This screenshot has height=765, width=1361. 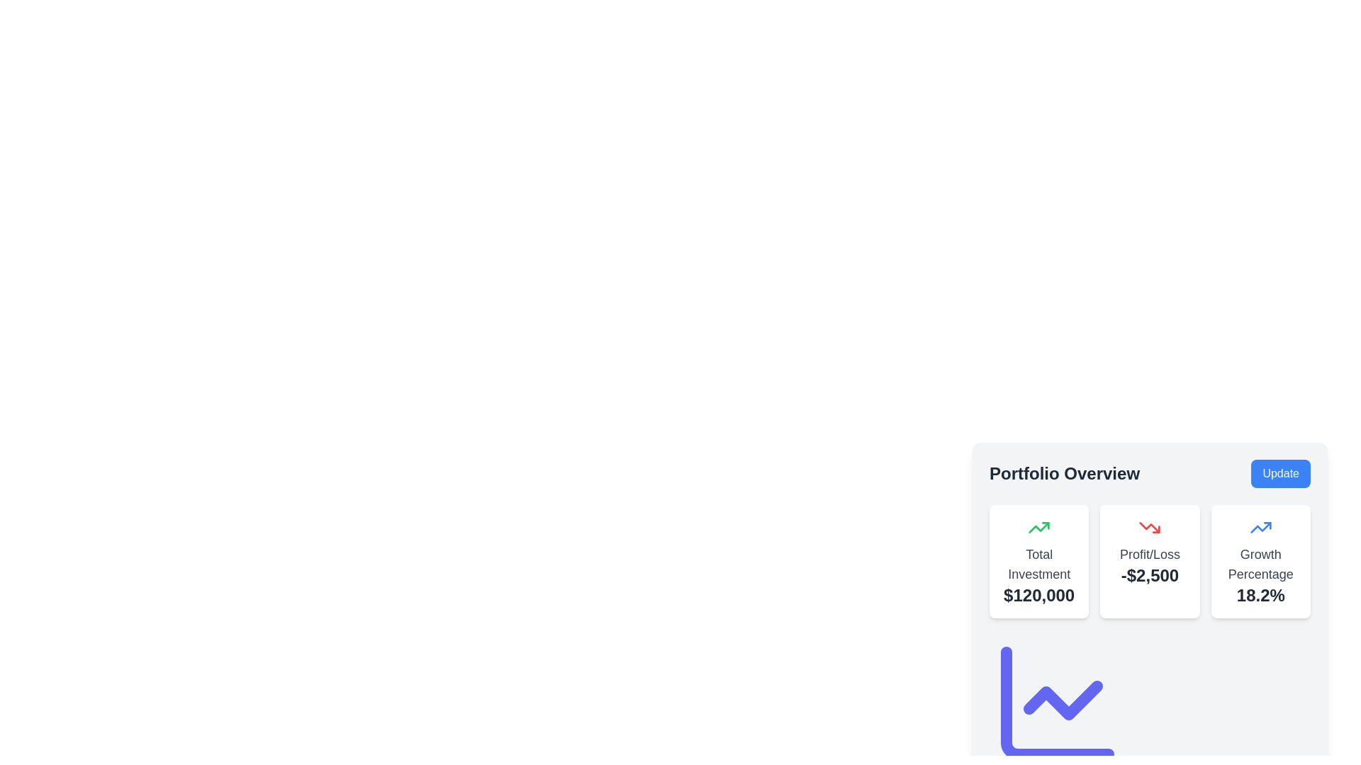 I want to click on the Text label displaying the value '-$2,500', which is located beneath the 'Profit/Loss' label in the 'Portfolio Overview' section, so click(x=1150, y=576).